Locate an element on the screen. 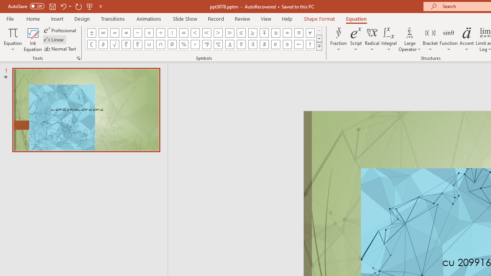 Image resolution: width=491 pixels, height=276 pixels. 'Equation Symbol Minus Plus' is located at coordinates (264, 33).